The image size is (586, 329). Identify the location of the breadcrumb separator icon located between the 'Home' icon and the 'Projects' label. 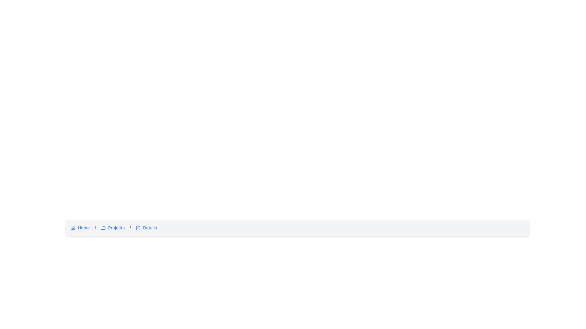
(103, 228).